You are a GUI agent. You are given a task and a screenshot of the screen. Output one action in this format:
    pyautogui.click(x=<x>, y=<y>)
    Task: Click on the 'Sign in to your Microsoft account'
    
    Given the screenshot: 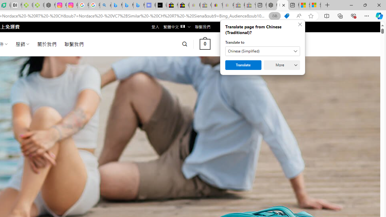 What is the action you would take?
    pyautogui.click(x=315, y=5)
    